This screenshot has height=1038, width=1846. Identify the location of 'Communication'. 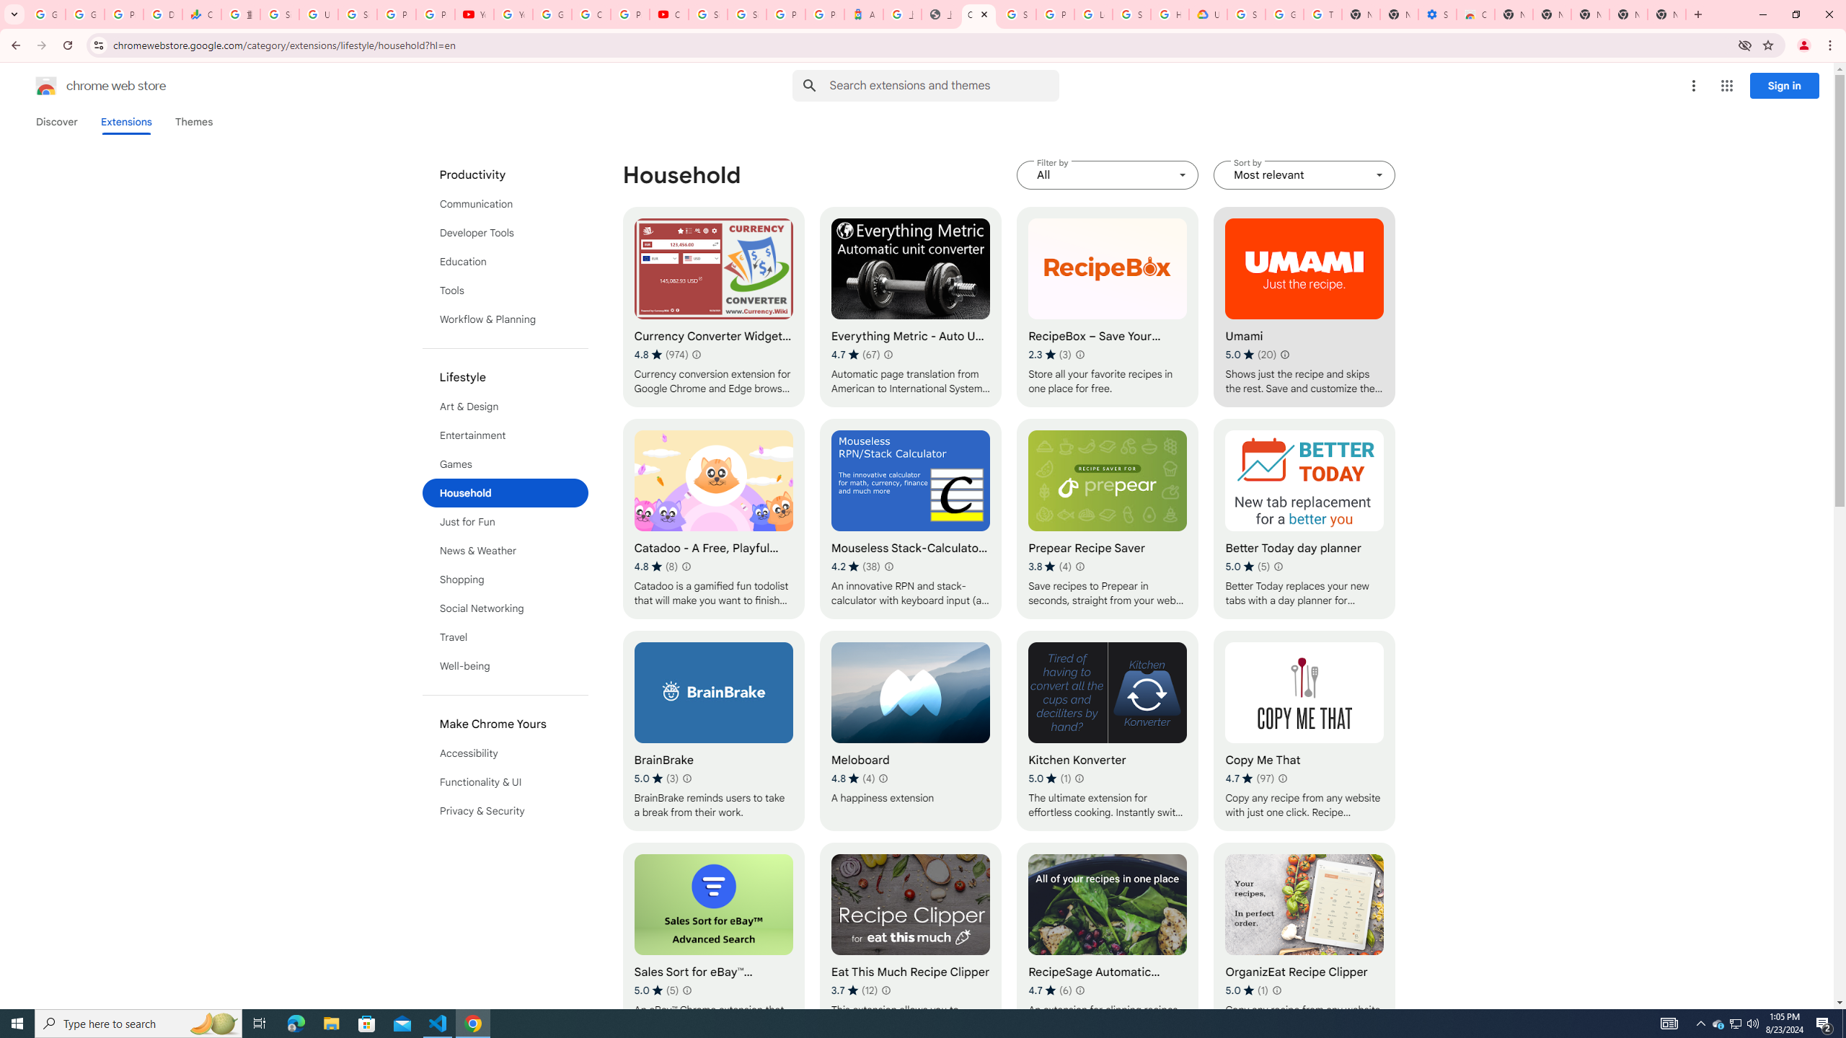
(505, 203).